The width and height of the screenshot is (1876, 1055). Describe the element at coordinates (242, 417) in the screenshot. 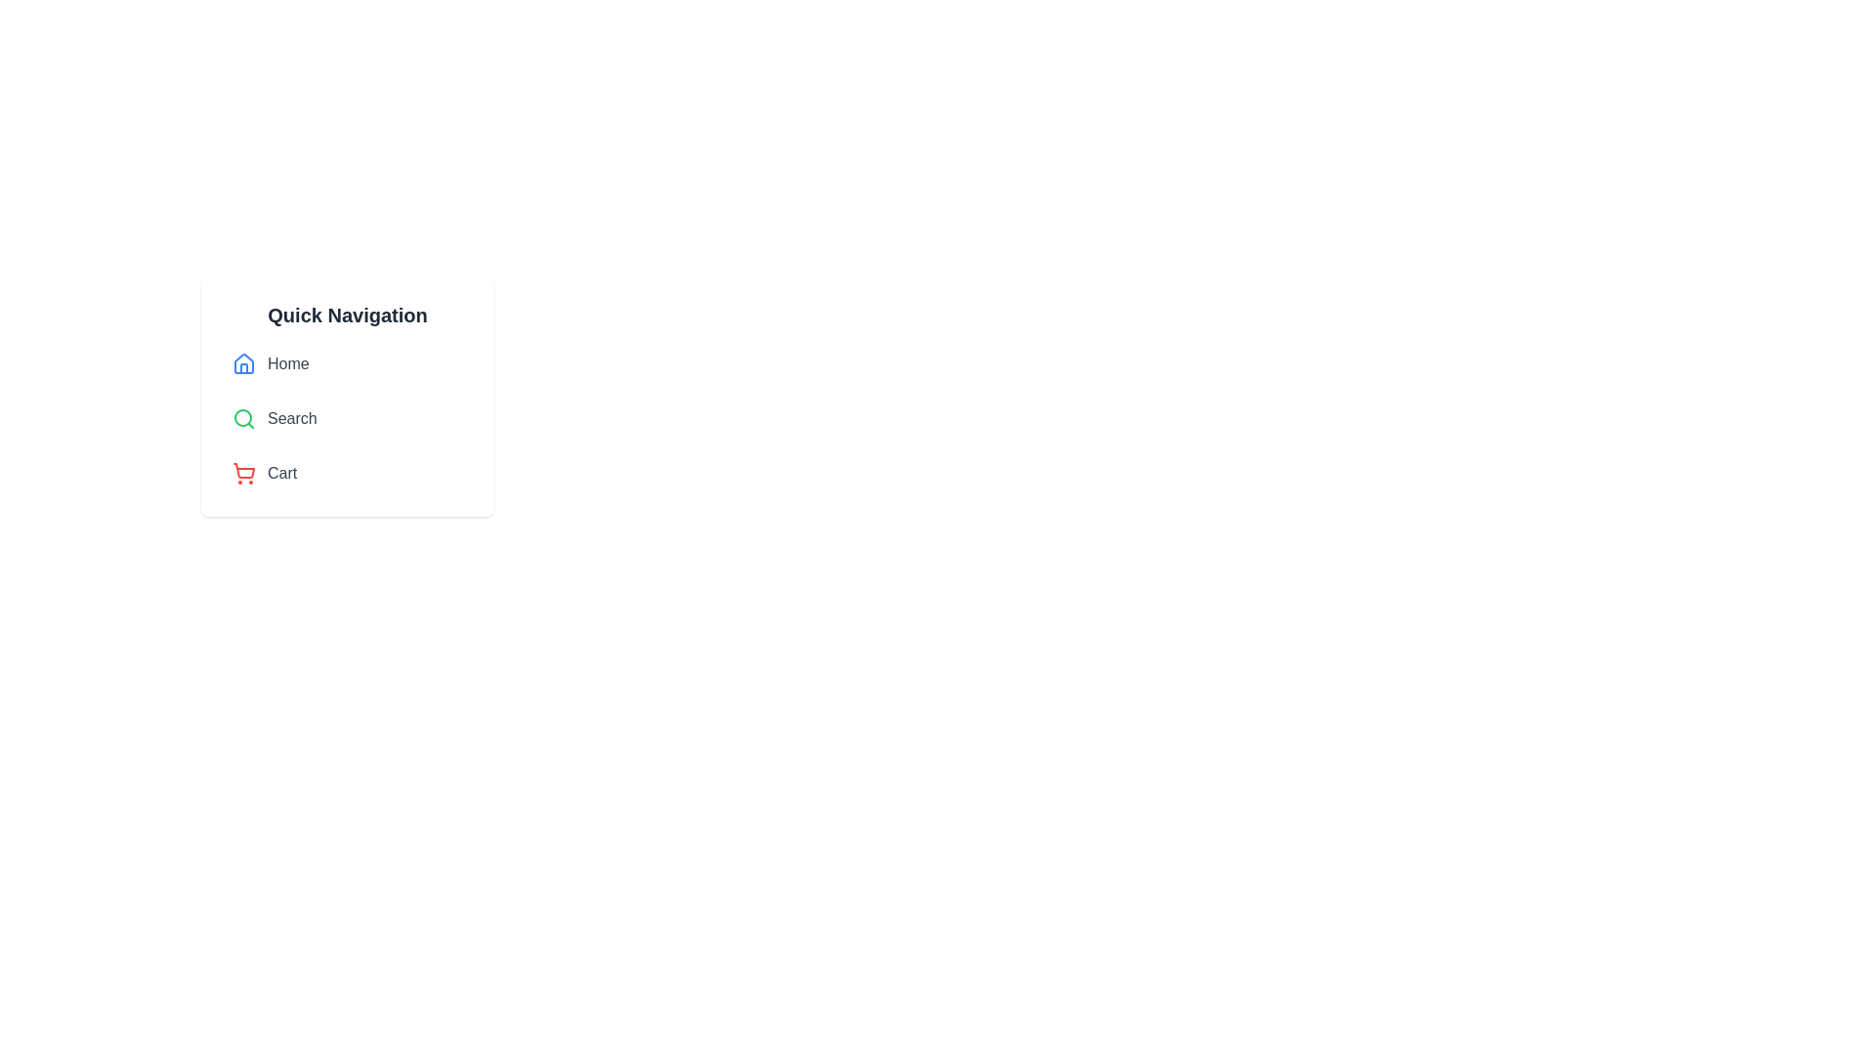

I see `the inner circular portion of the search icon, which serves as the lens of the magnifying glass` at that location.